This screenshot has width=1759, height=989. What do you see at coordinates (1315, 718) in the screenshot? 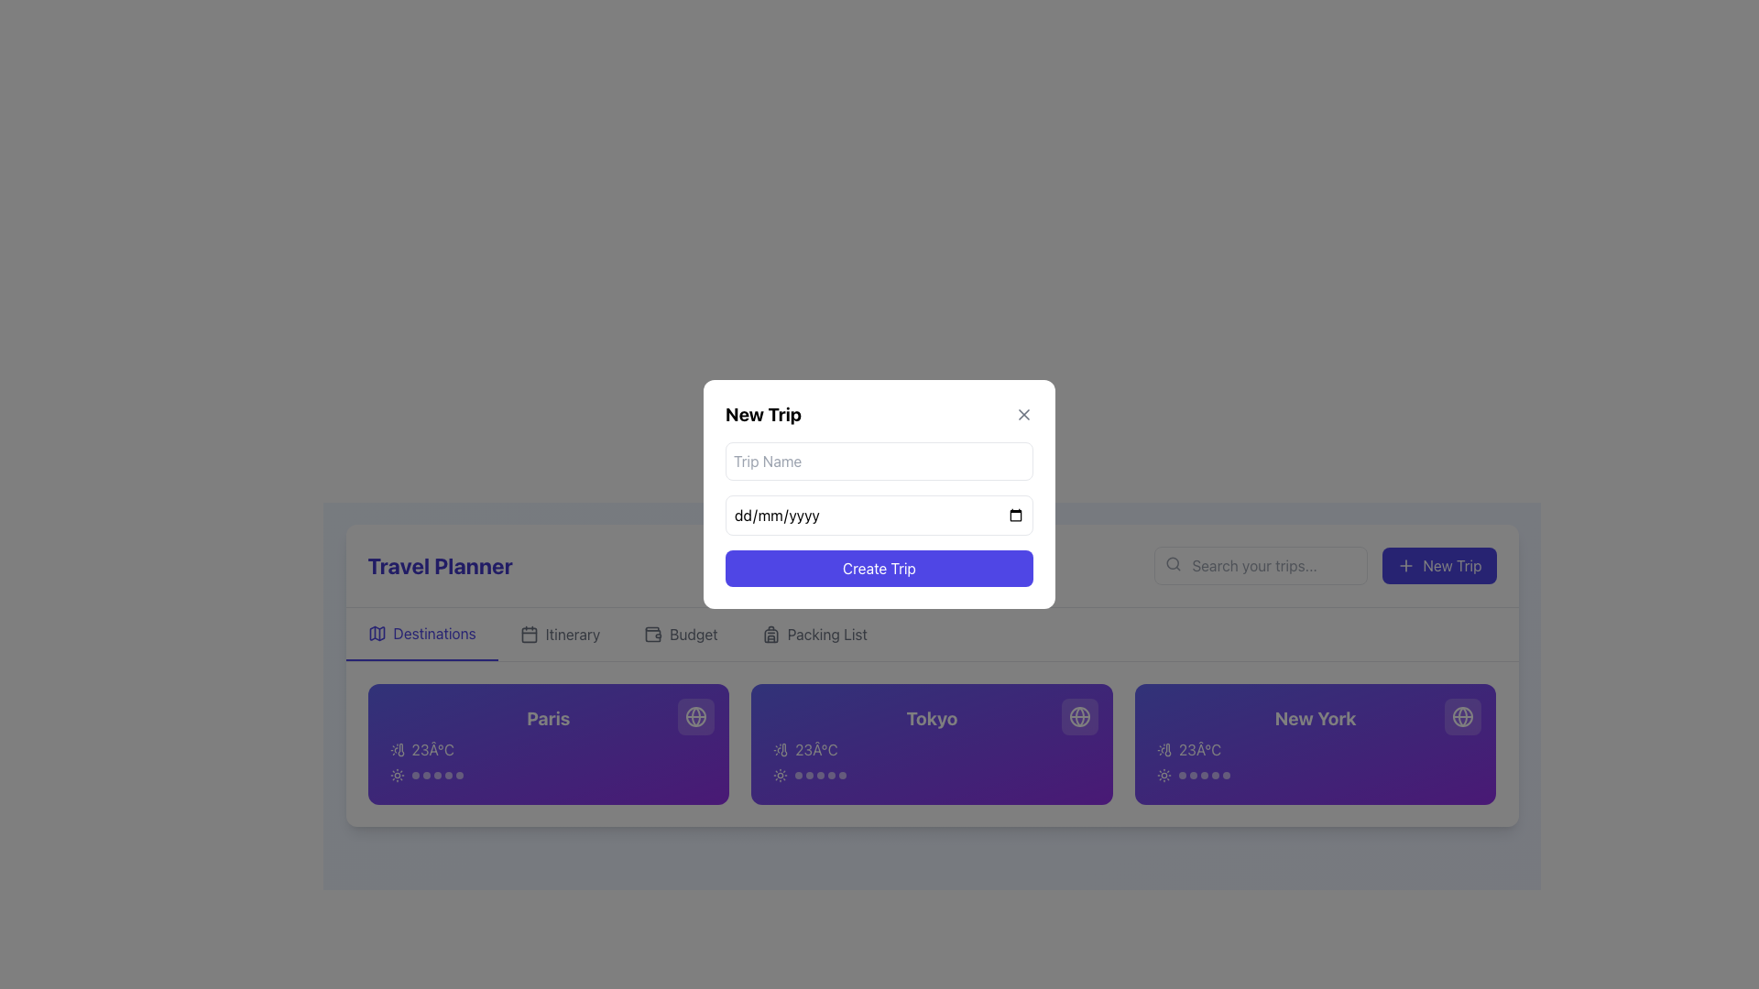
I see `the static text element displaying the location name 'New York', which is situated at the top-center area of the card, above the temperature information` at bounding box center [1315, 718].